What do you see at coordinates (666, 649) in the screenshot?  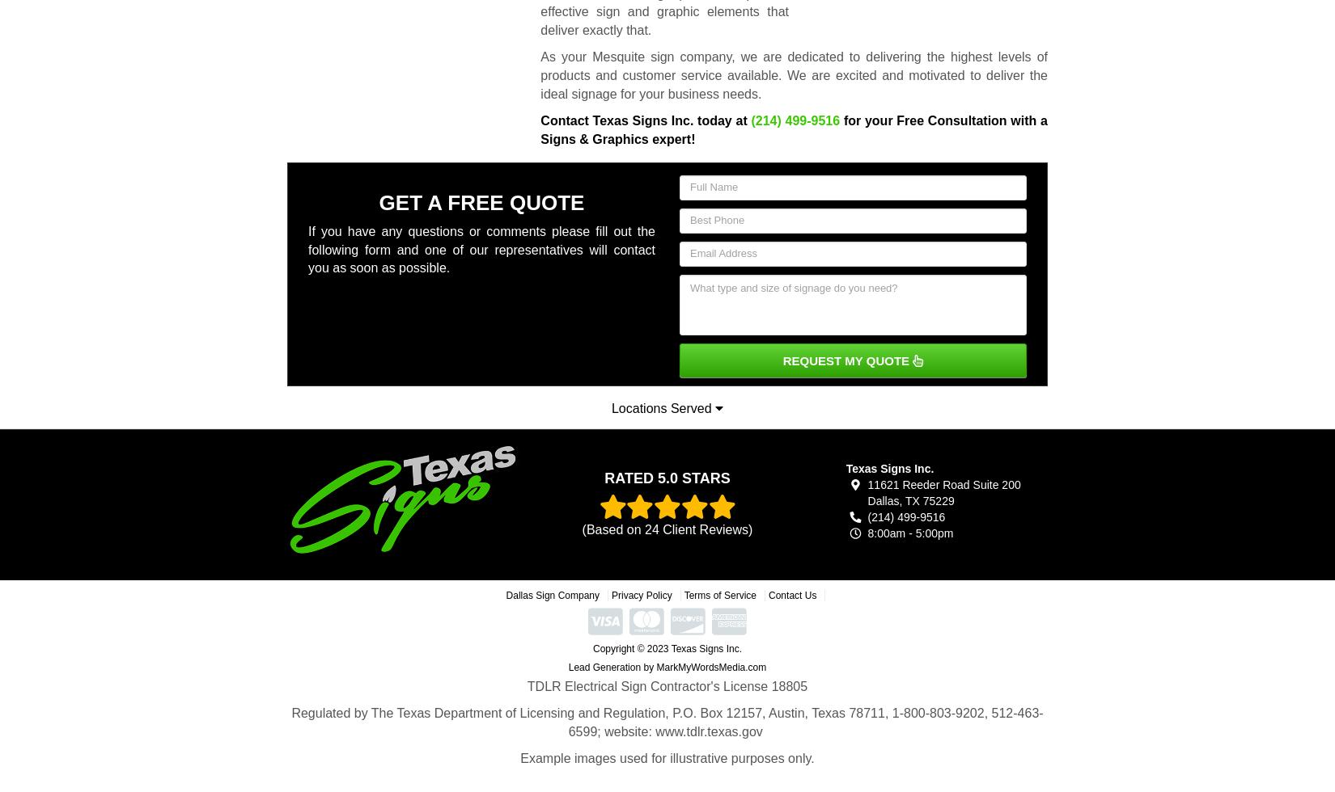 I see `'Copyright © 2023 Texas Signs Inc.'` at bounding box center [666, 649].